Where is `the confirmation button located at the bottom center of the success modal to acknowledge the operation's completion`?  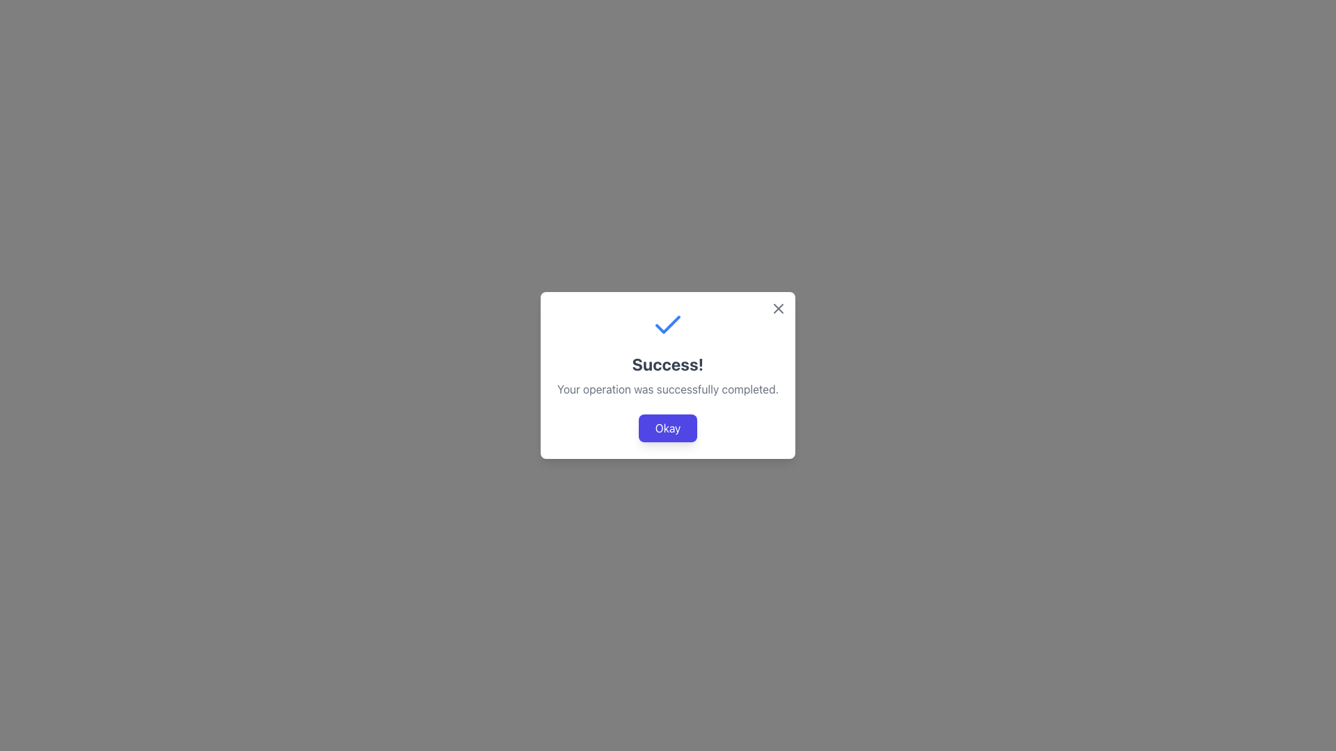
the confirmation button located at the bottom center of the success modal to acknowledge the operation's completion is located at coordinates (668, 428).